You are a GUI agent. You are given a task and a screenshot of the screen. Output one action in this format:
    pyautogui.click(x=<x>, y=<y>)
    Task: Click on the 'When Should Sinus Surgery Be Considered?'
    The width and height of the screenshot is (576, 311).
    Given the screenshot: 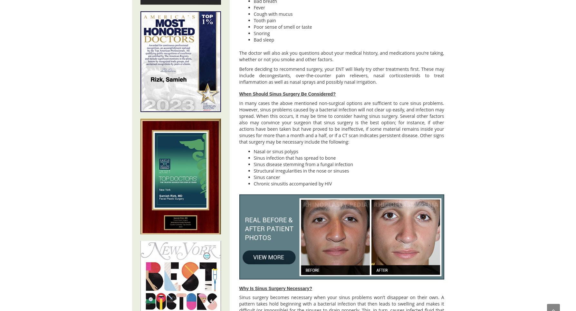 What is the action you would take?
    pyautogui.click(x=287, y=94)
    